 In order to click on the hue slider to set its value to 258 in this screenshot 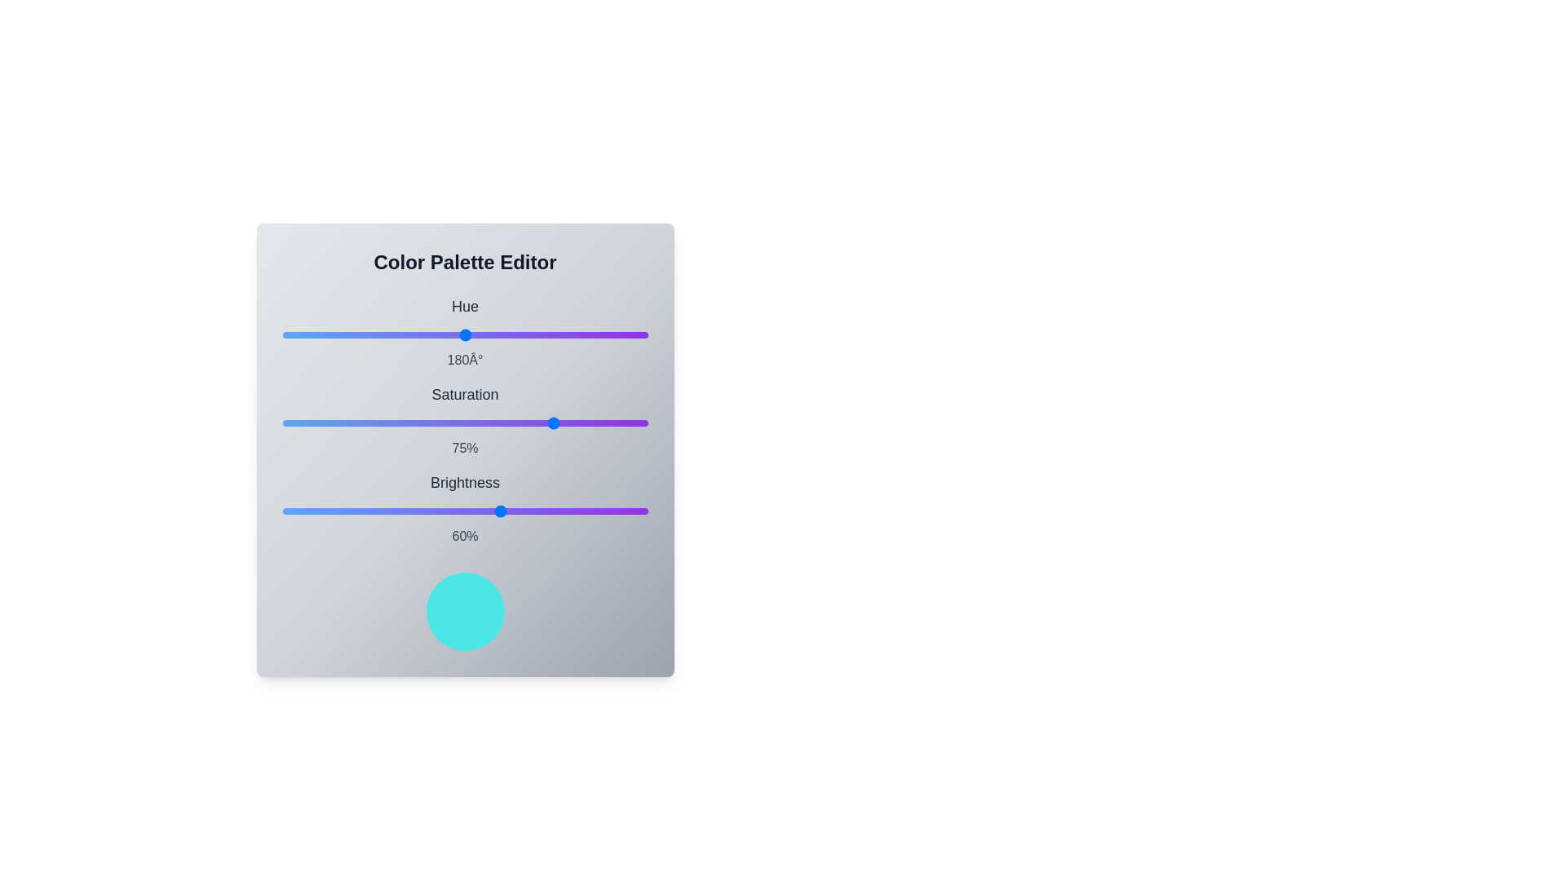, I will do `click(544, 334)`.